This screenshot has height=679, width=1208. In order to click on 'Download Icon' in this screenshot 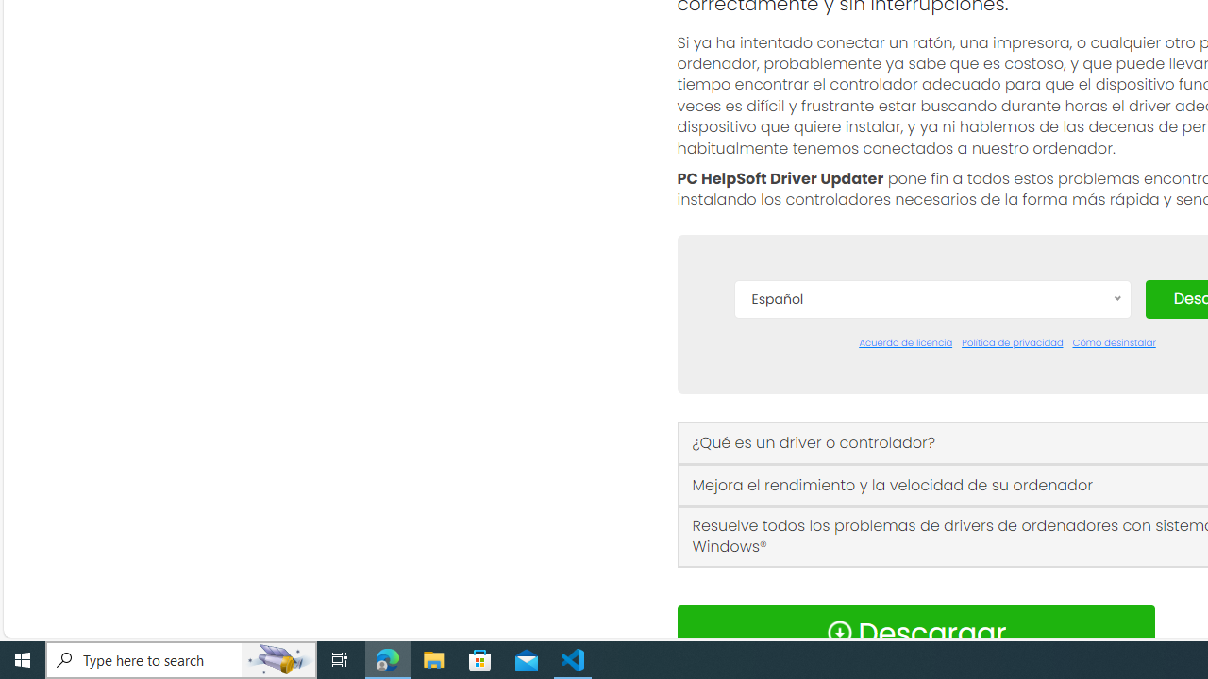, I will do `click(838, 633)`.